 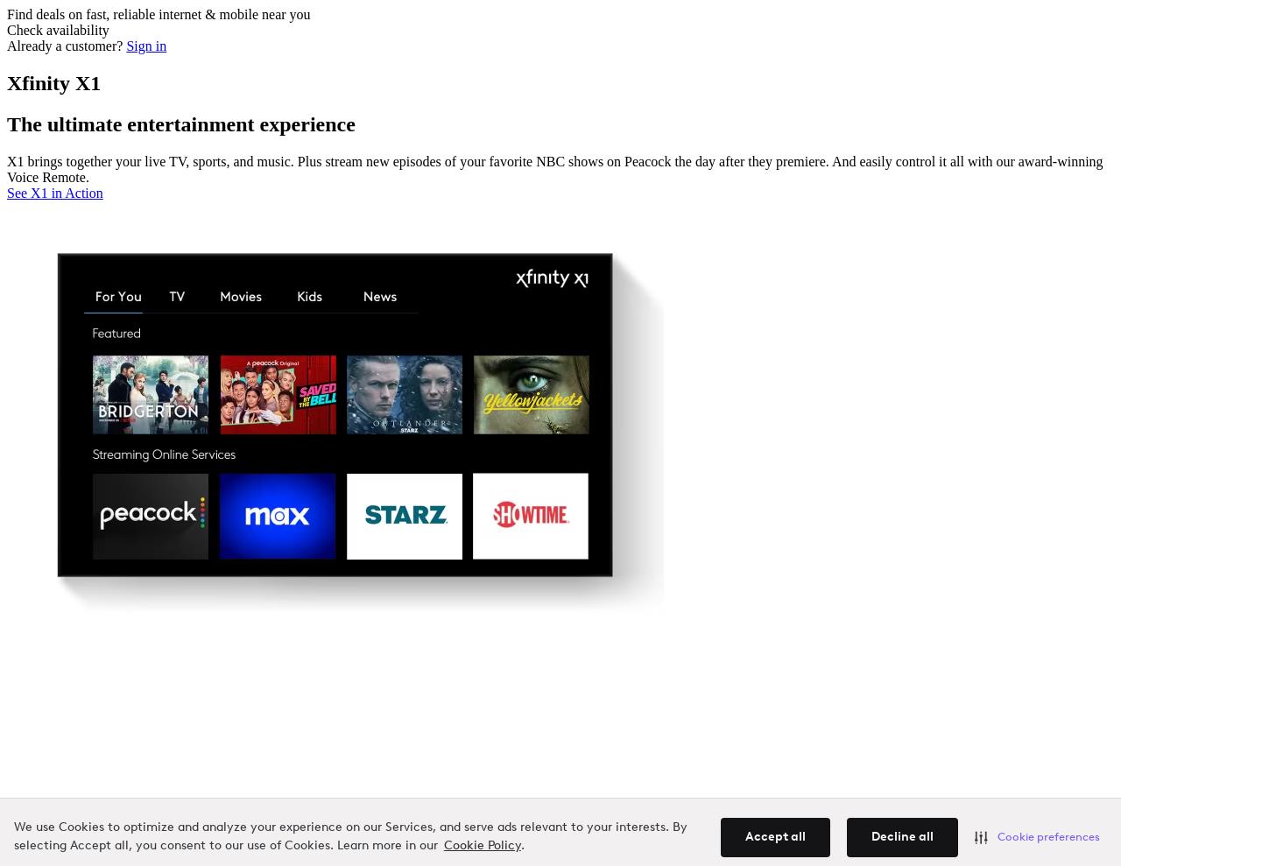 I want to click on 'Already a customer?', so click(x=66, y=45).